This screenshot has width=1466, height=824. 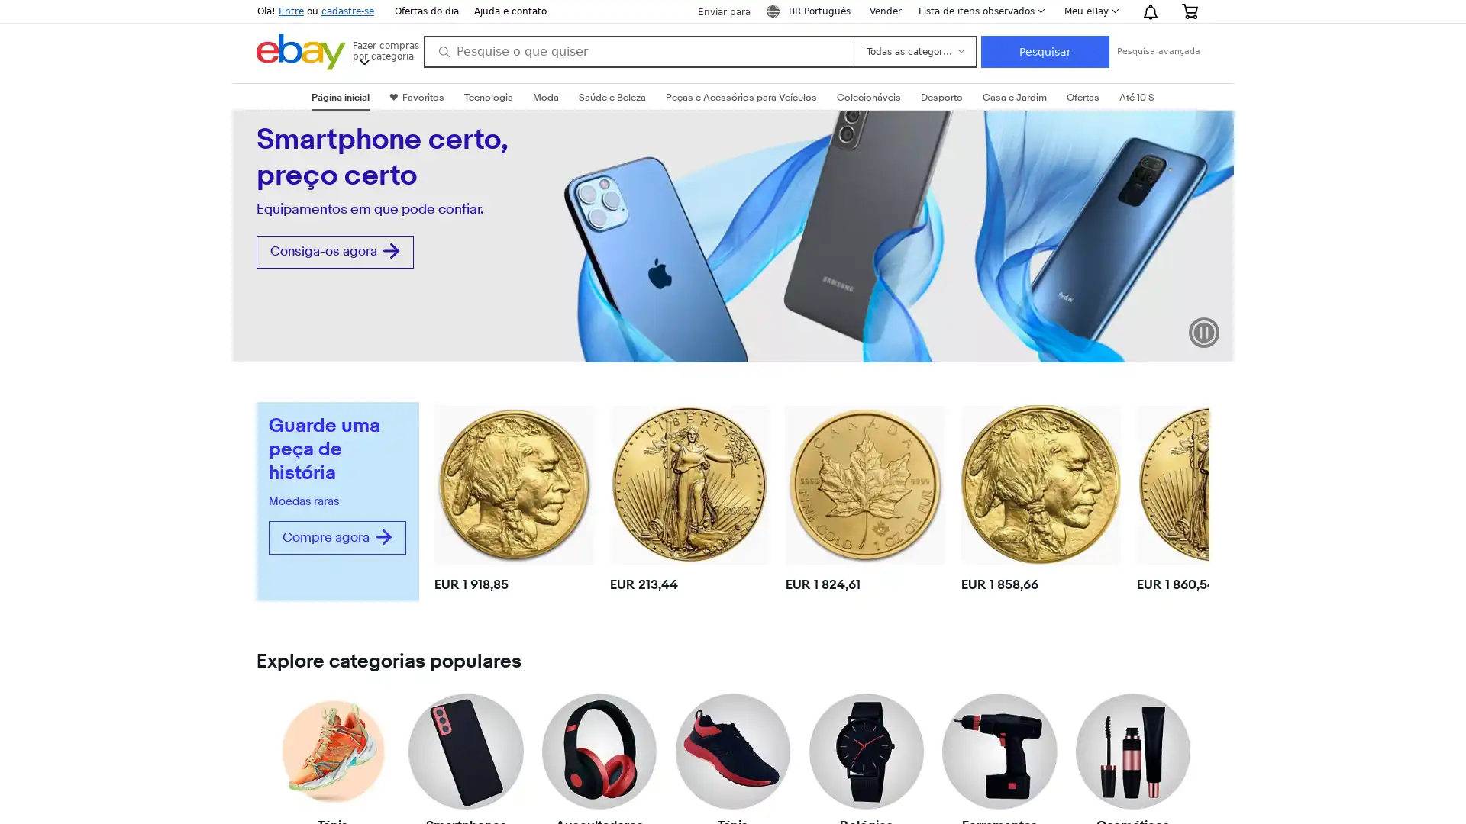 What do you see at coordinates (1044, 51) in the screenshot?
I see `Pesquisar` at bounding box center [1044, 51].